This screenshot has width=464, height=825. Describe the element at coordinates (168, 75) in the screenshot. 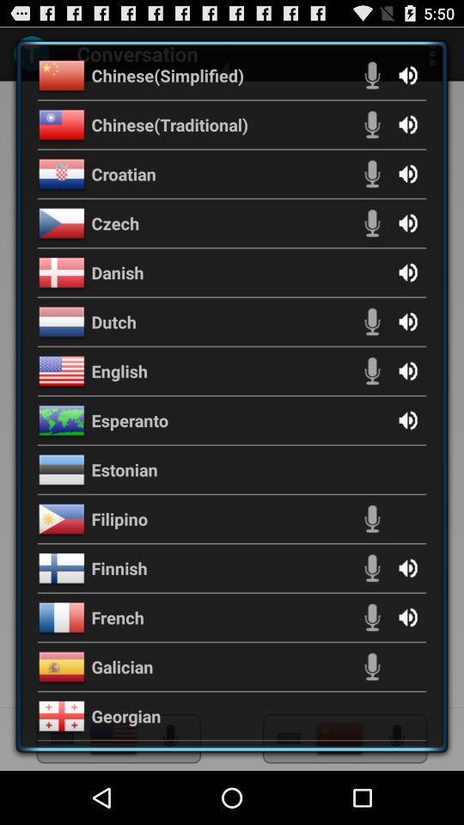

I see `the chinese(simplified) icon` at that location.